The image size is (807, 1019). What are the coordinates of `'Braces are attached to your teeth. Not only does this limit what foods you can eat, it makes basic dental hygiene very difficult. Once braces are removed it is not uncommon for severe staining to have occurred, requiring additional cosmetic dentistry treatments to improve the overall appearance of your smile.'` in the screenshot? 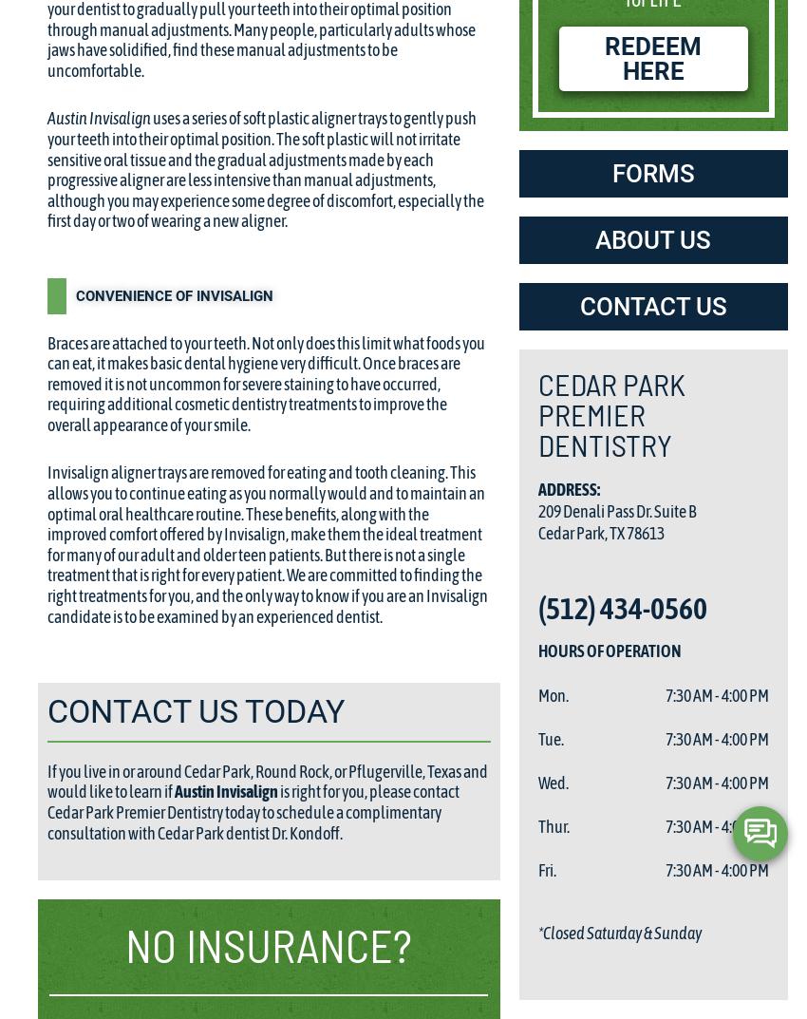 It's located at (265, 382).